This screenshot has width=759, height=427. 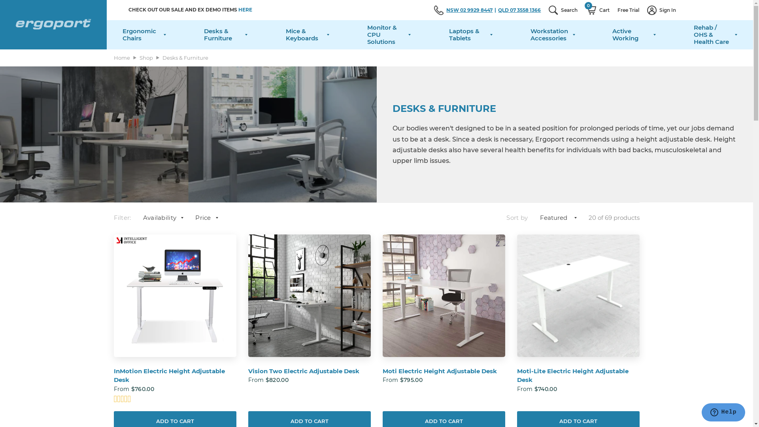 What do you see at coordinates (307, 34) in the screenshot?
I see `'Mice & Keyboards'` at bounding box center [307, 34].